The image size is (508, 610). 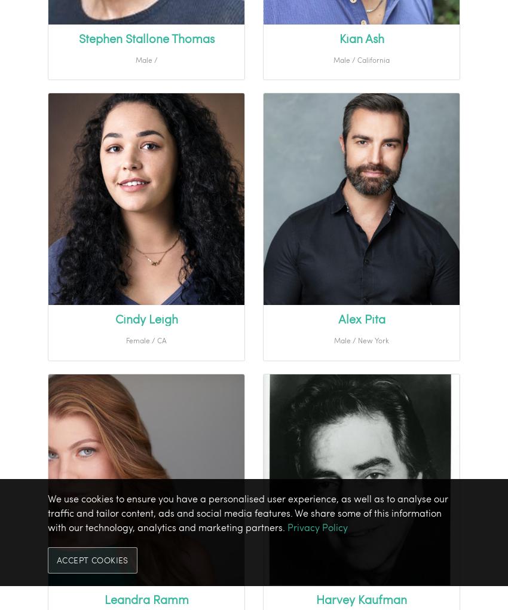 I want to click on 'Privacy Policy', so click(x=317, y=526).